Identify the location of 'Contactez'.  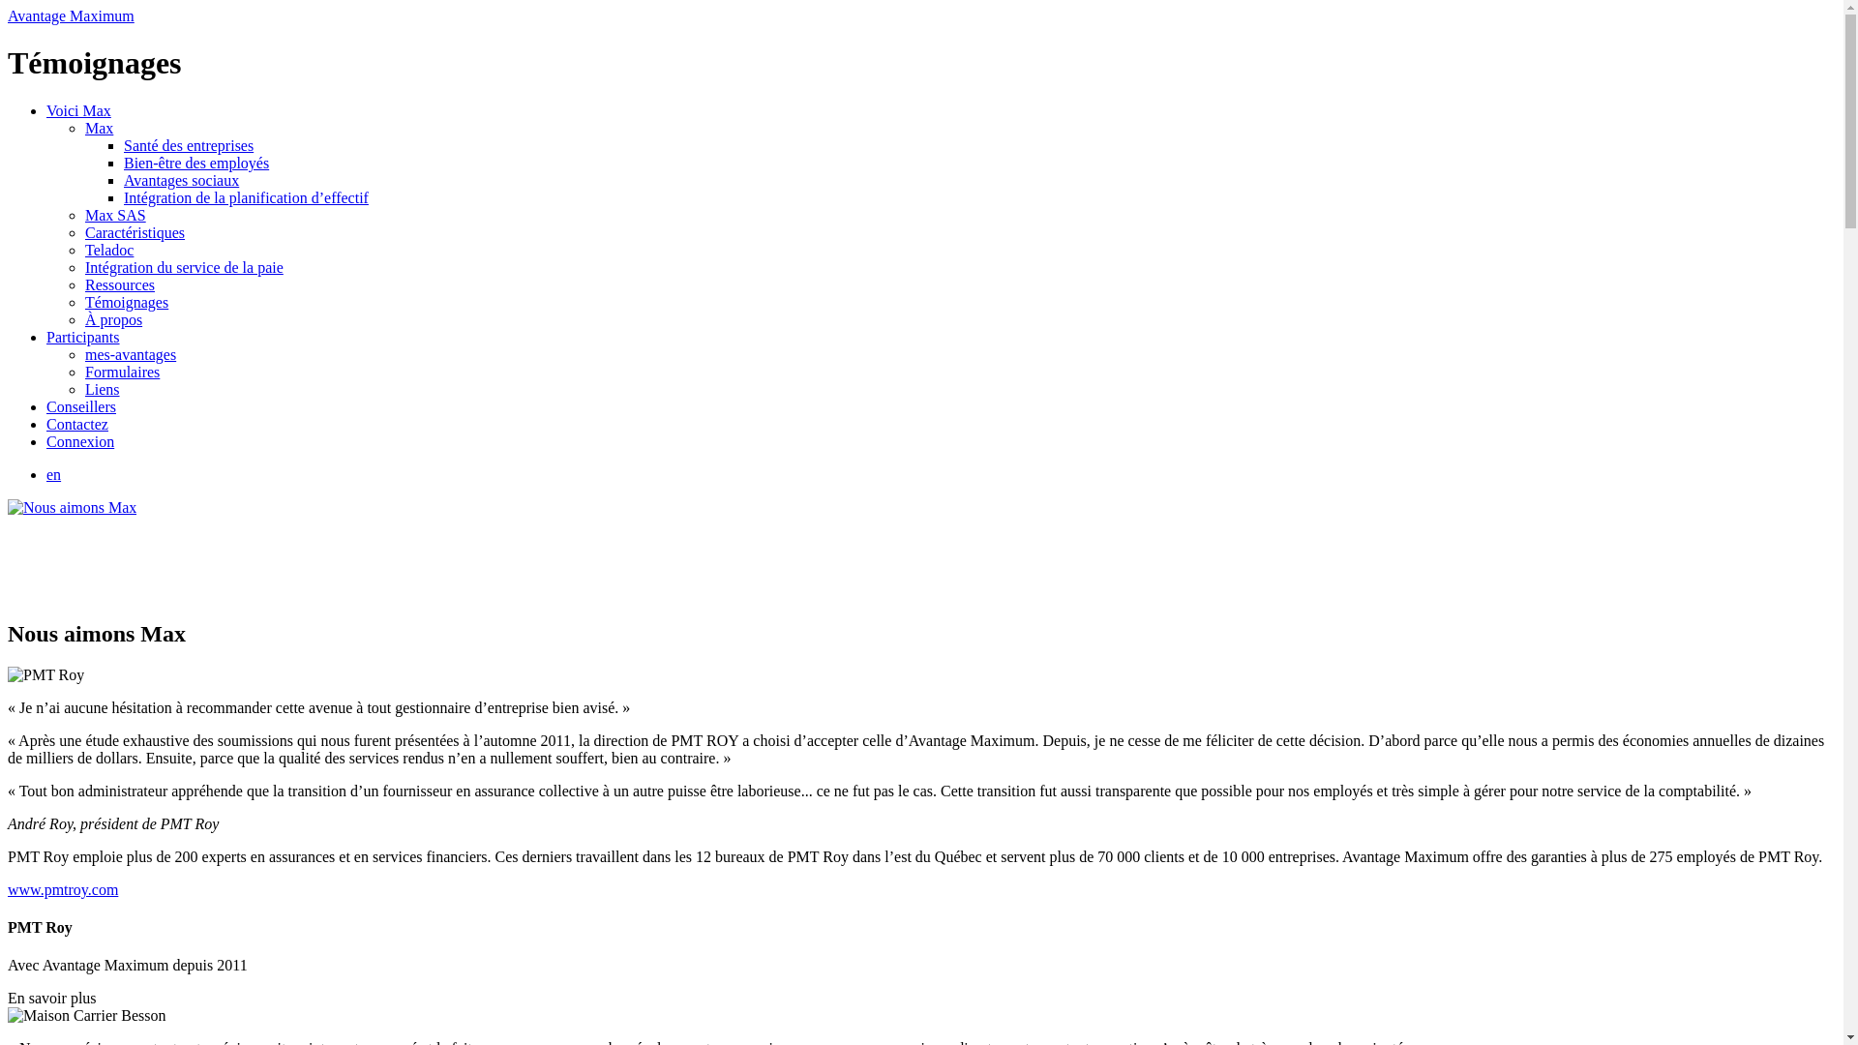
(77, 423).